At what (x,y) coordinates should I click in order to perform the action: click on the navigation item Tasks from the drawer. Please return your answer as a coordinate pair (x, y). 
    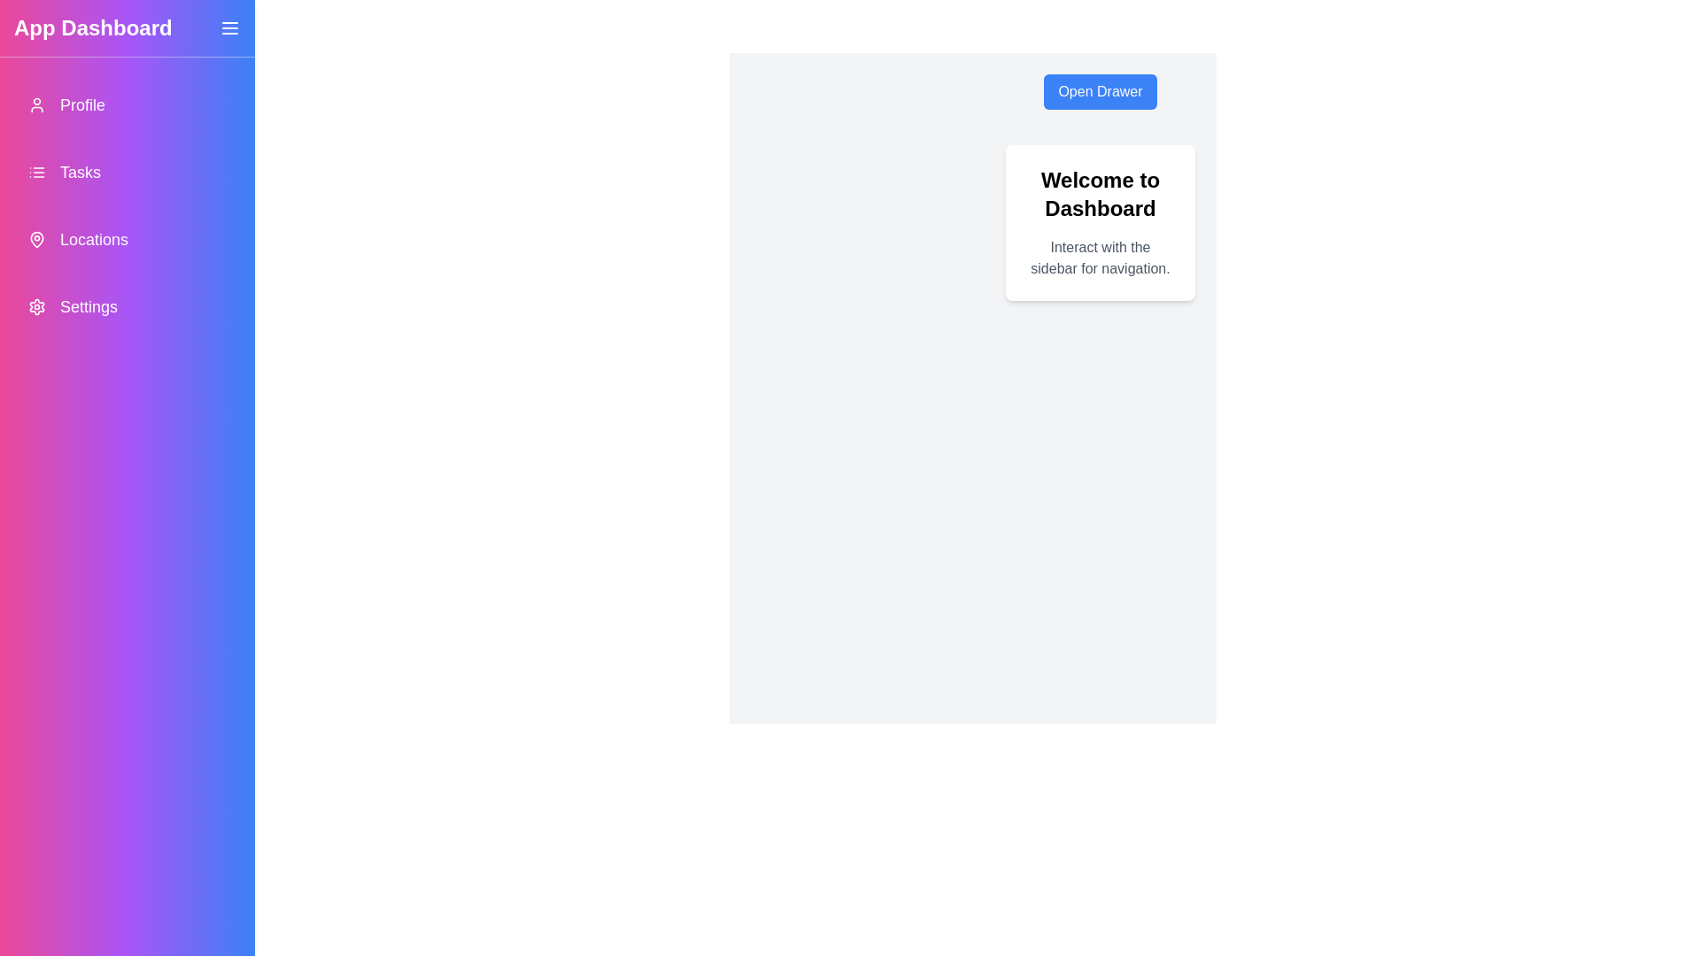
    Looking at the image, I should click on (127, 173).